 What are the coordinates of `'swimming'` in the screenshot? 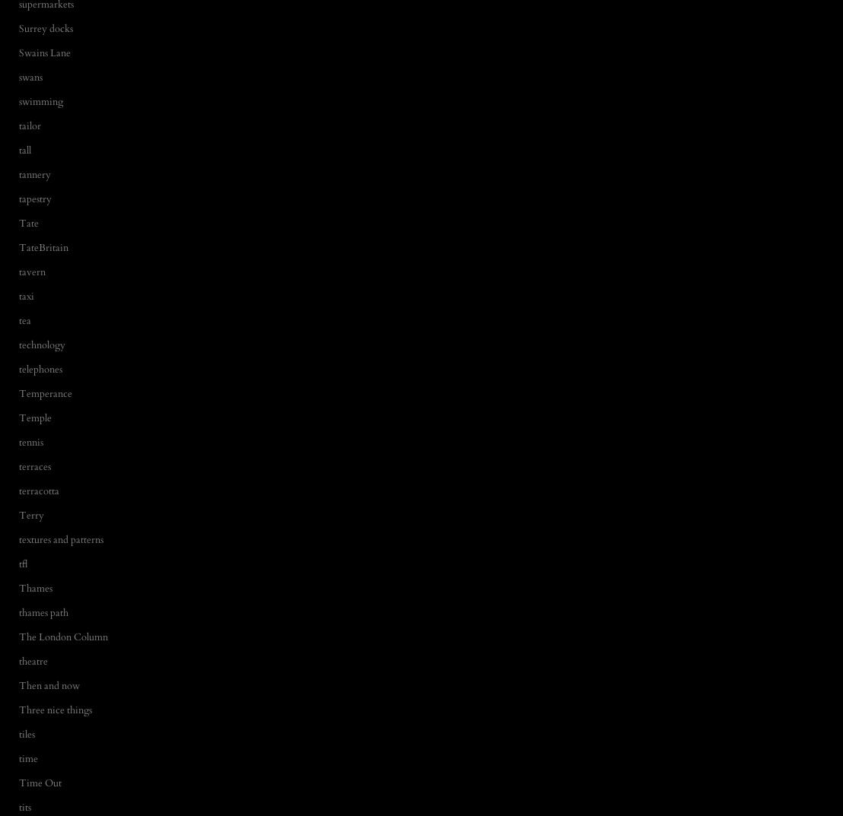 It's located at (40, 100).